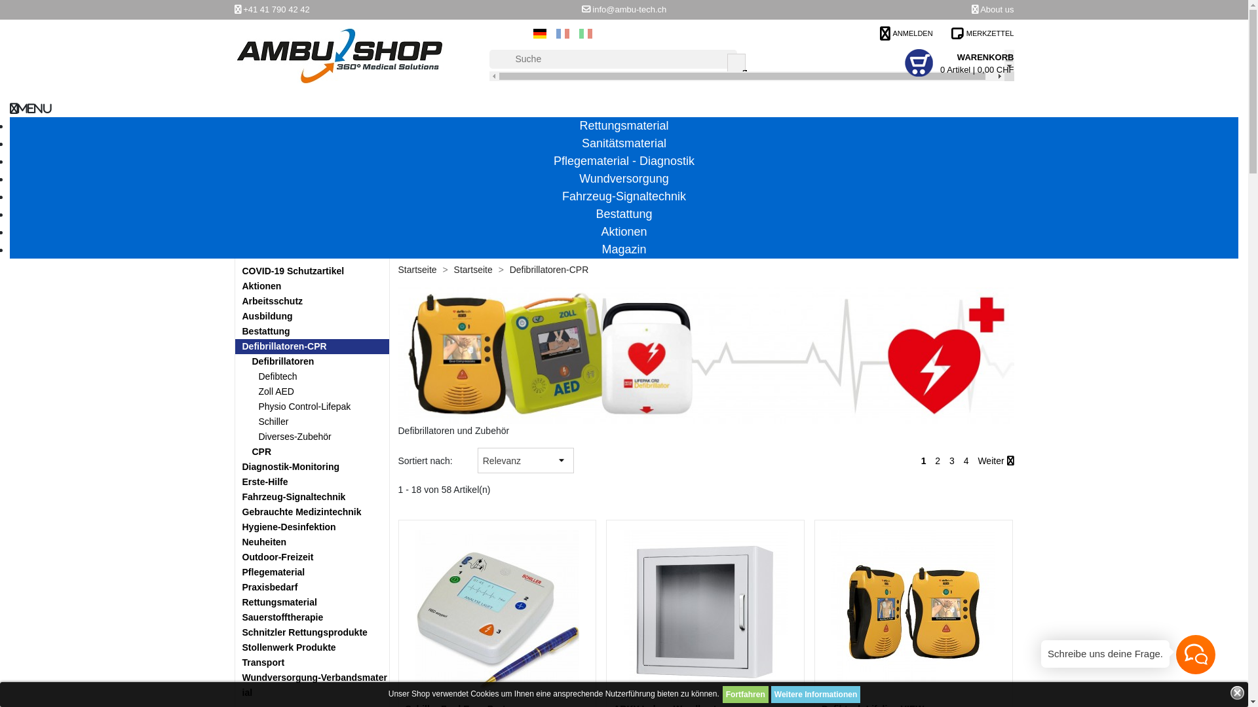 The image size is (1258, 707). Describe the element at coordinates (745, 693) in the screenshot. I see `'Fortfahren'` at that location.